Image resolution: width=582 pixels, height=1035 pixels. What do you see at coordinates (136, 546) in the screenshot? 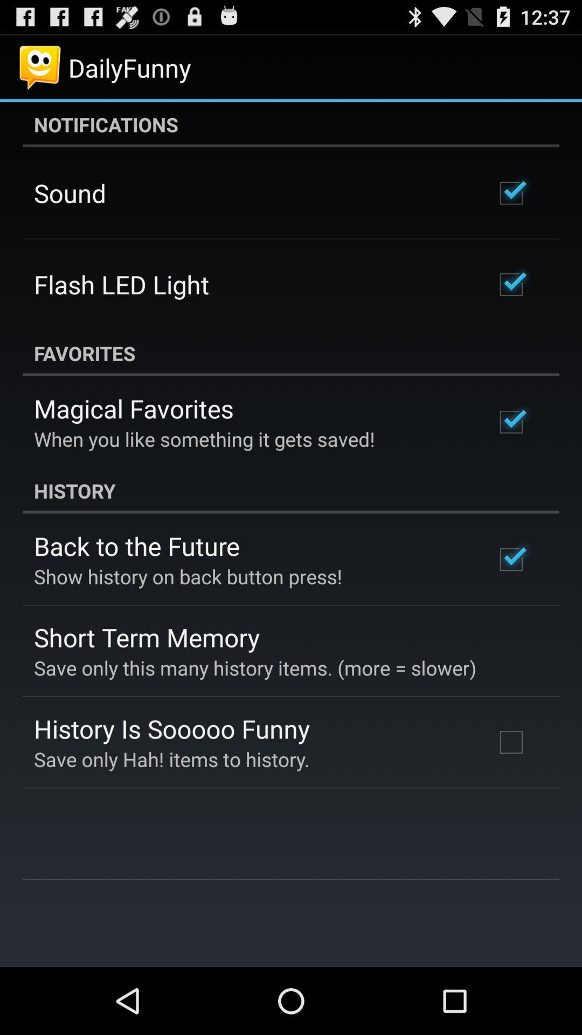
I see `the app above show history on icon` at bounding box center [136, 546].